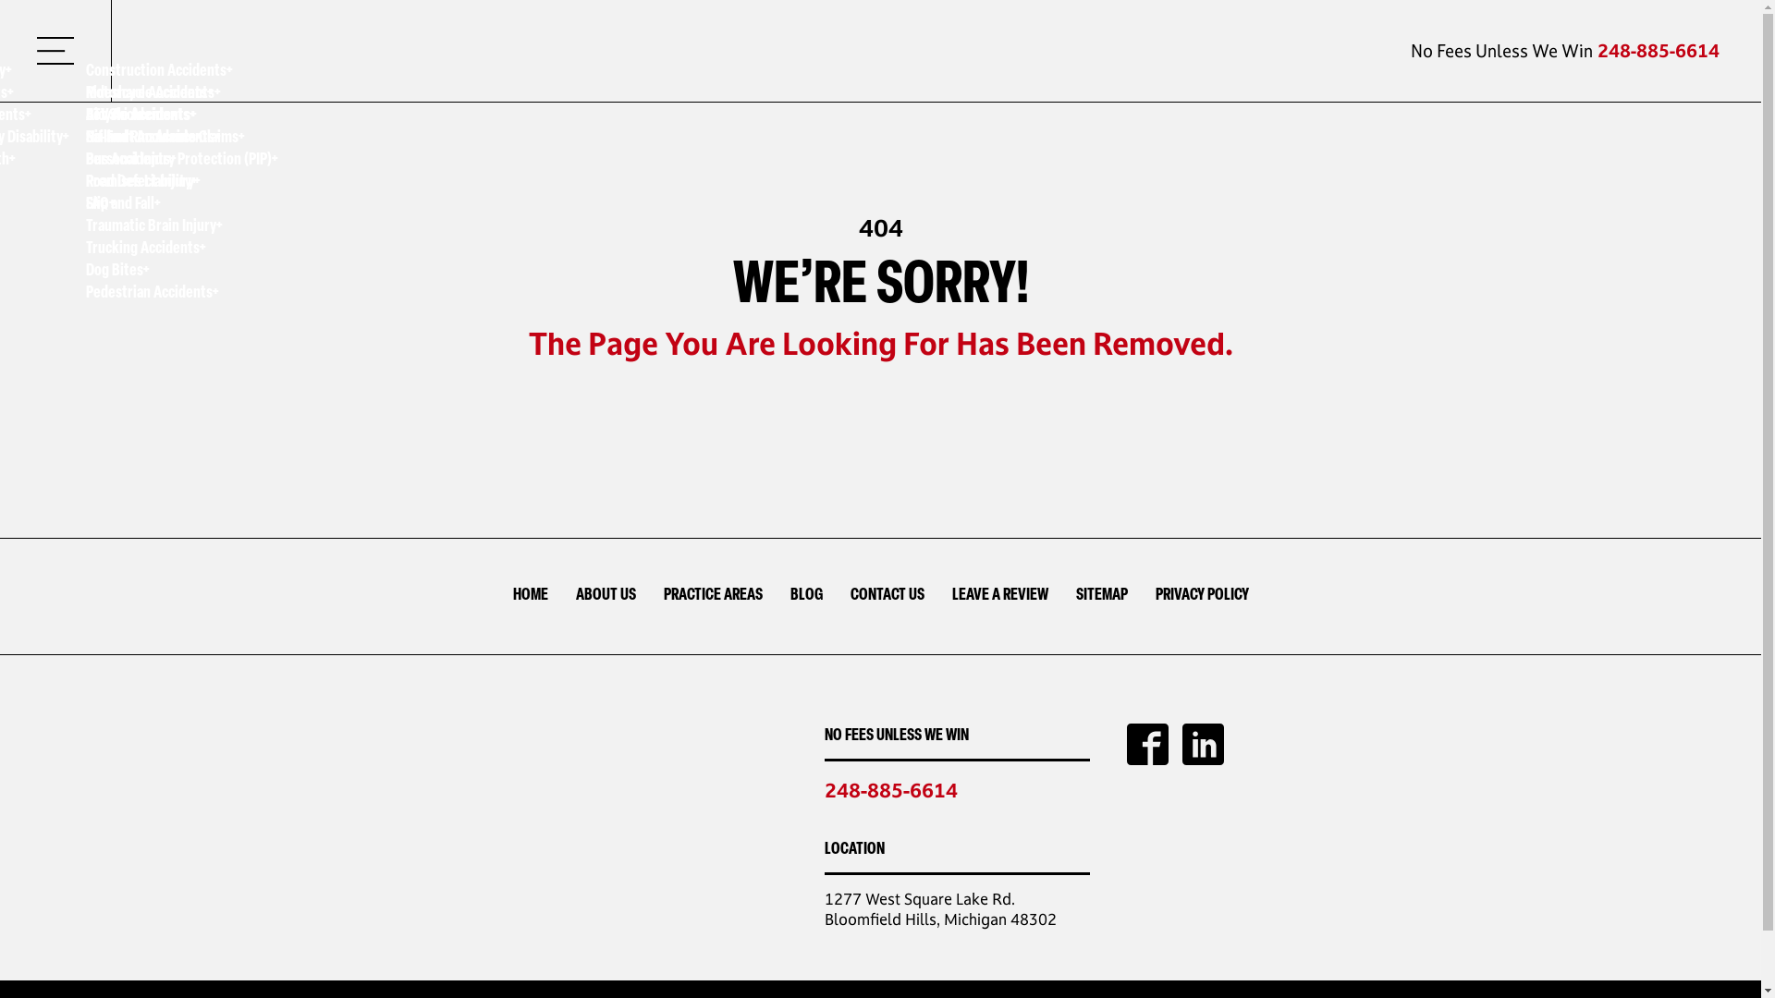 The width and height of the screenshot is (1775, 998). I want to click on 'Dog Bites, so click(181, 272).